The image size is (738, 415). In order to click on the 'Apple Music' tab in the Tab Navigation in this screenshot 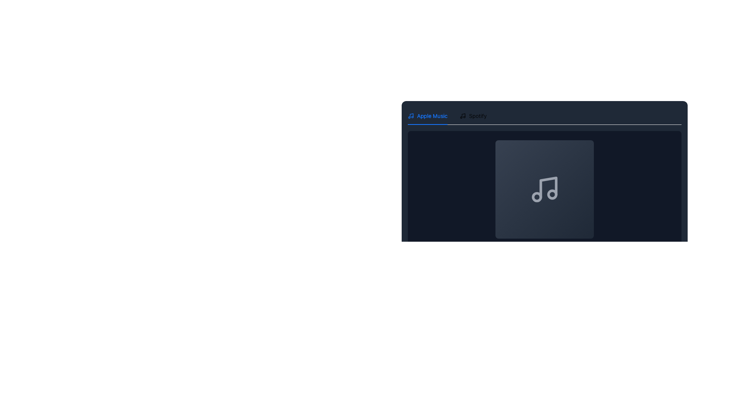, I will do `click(447, 116)`.